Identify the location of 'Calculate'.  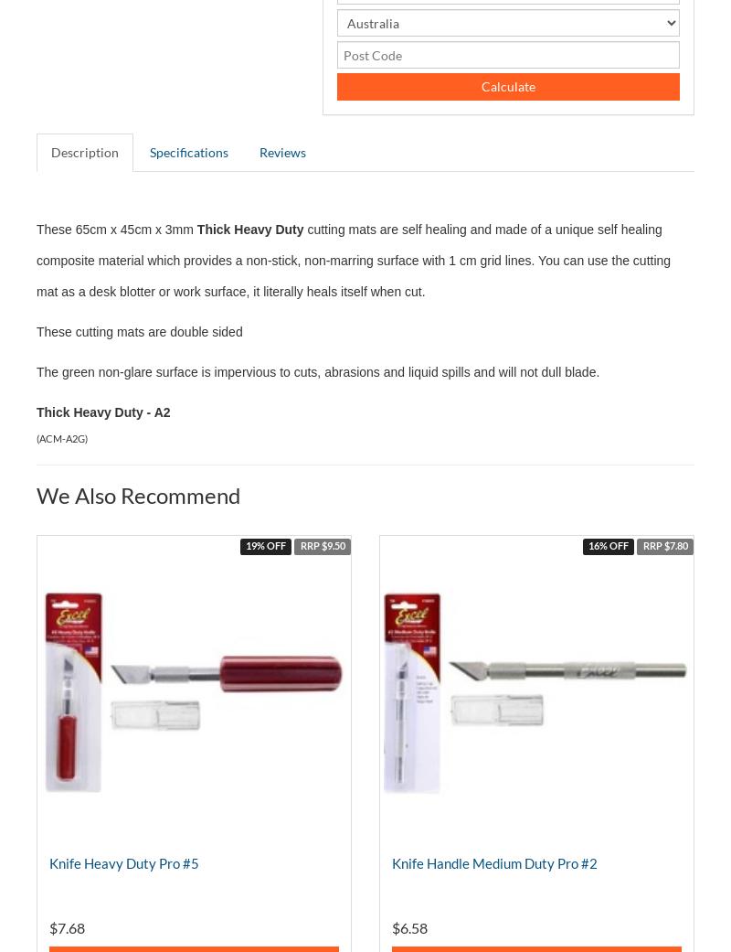
(507, 85).